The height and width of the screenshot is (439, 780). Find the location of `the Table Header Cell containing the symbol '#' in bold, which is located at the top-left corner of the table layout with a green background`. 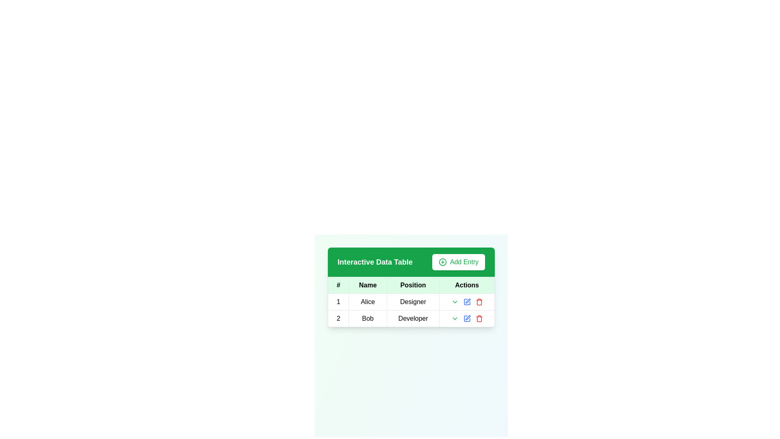

the Table Header Cell containing the symbol '#' in bold, which is located at the top-left corner of the table layout with a green background is located at coordinates (338, 285).